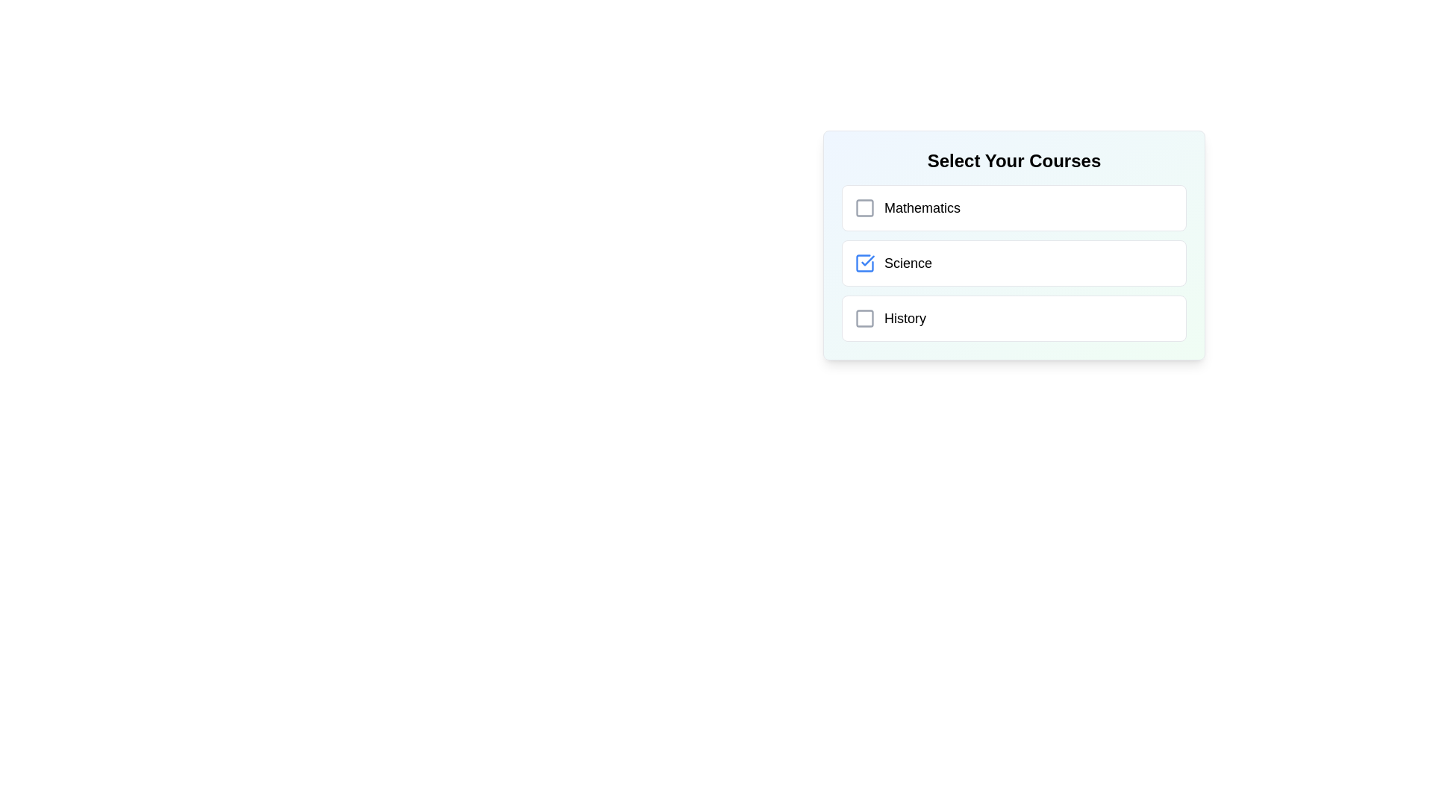 The image size is (1433, 806). I want to click on the label for the third course option 'History', which is positioned below the 'Science' option in the course selection list, so click(905, 318).